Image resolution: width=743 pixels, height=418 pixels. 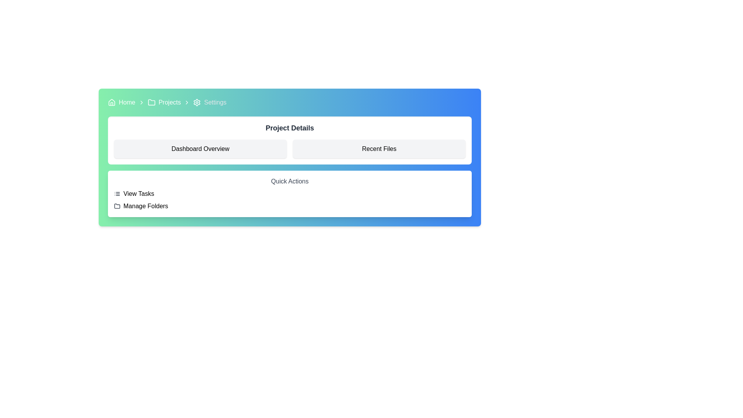 What do you see at coordinates (116, 206) in the screenshot?
I see `the folder-shaped icon located in the 'Quick Actions' section, positioned to the left of the 'Manage Folders' label` at bounding box center [116, 206].